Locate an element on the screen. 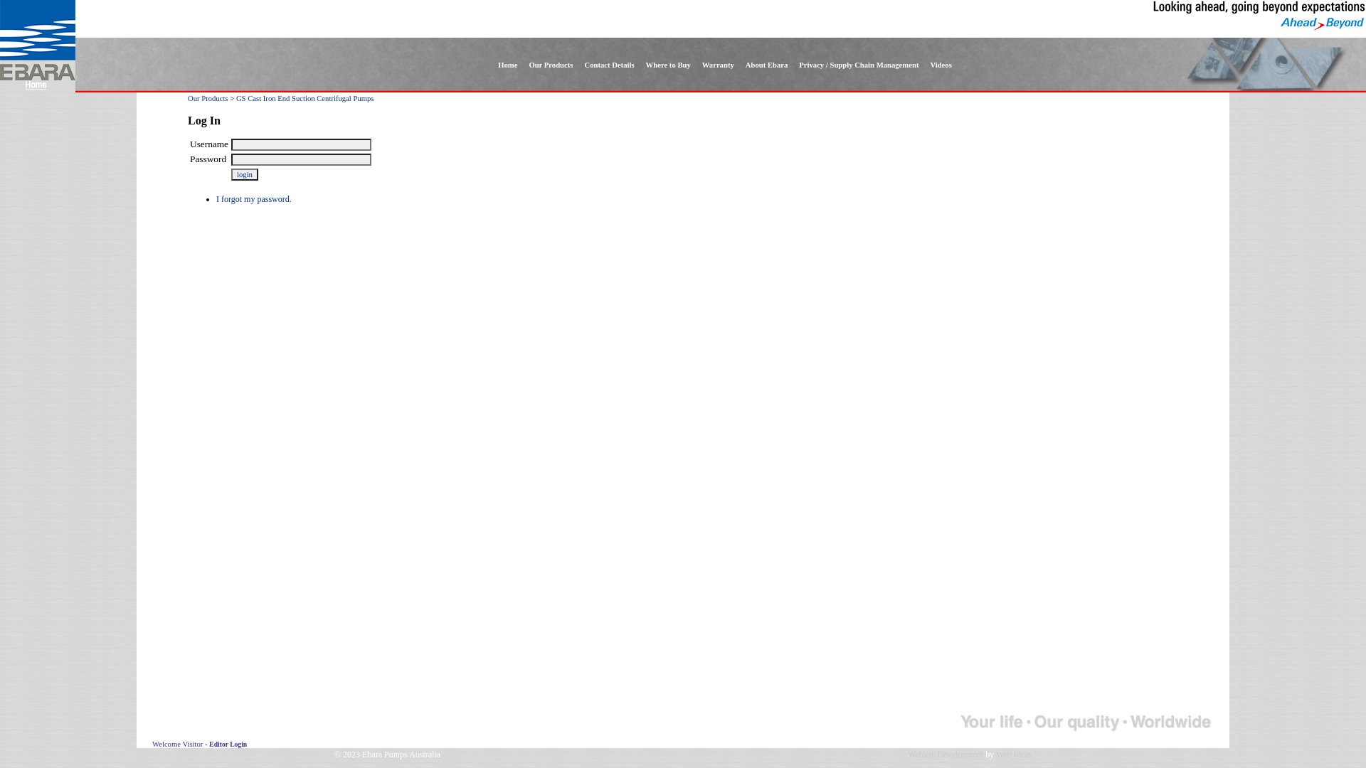 The image size is (1366, 768). 'Contact Details' is located at coordinates (608, 65).